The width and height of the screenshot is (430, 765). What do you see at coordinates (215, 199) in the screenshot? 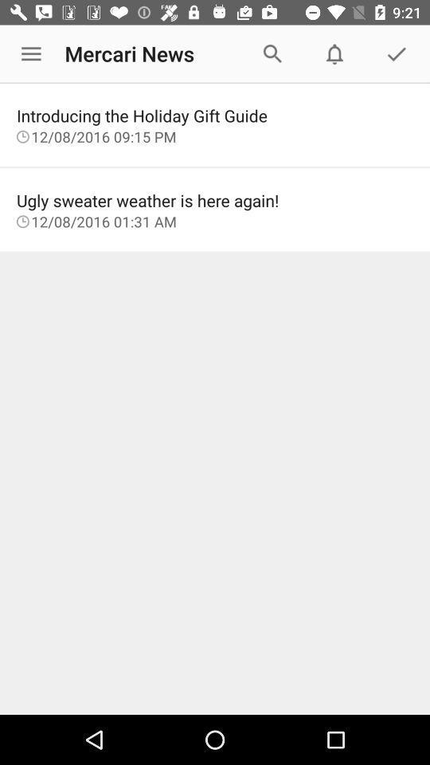
I see `the item above the 12 08 2016 item` at bounding box center [215, 199].